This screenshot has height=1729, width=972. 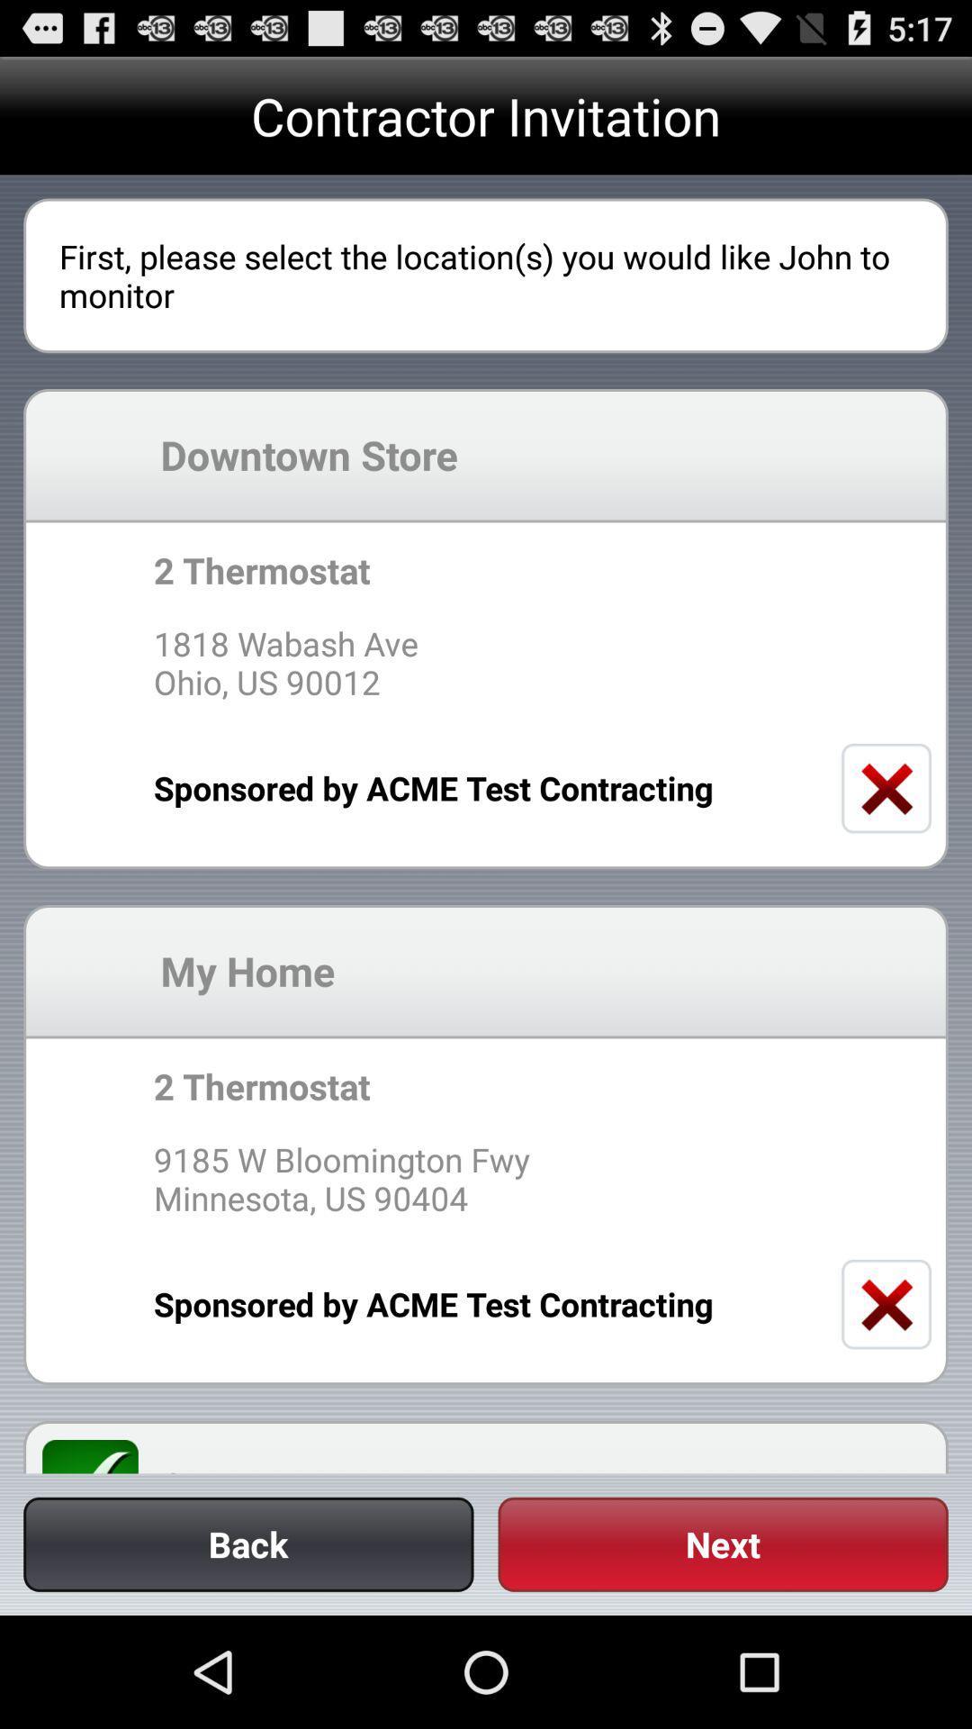 What do you see at coordinates (486, 1179) in the screenshot?
I see `9185 w bloomington icon` at bounding box center [486, 1179].